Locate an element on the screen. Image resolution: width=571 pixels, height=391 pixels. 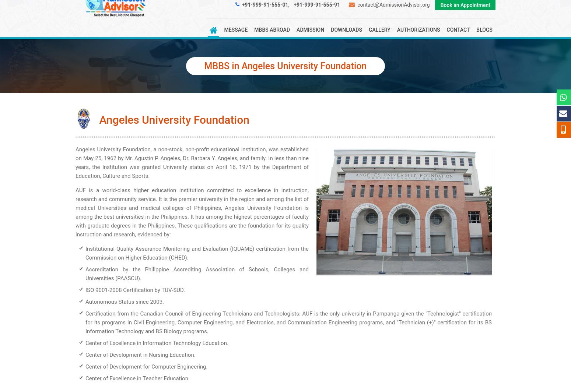
'Institutional Quality Assurance Monitoring and Evaluation (IQUAME) certification from the Commission on Higher Education (CHED).' is located at coordinates (197, 253).